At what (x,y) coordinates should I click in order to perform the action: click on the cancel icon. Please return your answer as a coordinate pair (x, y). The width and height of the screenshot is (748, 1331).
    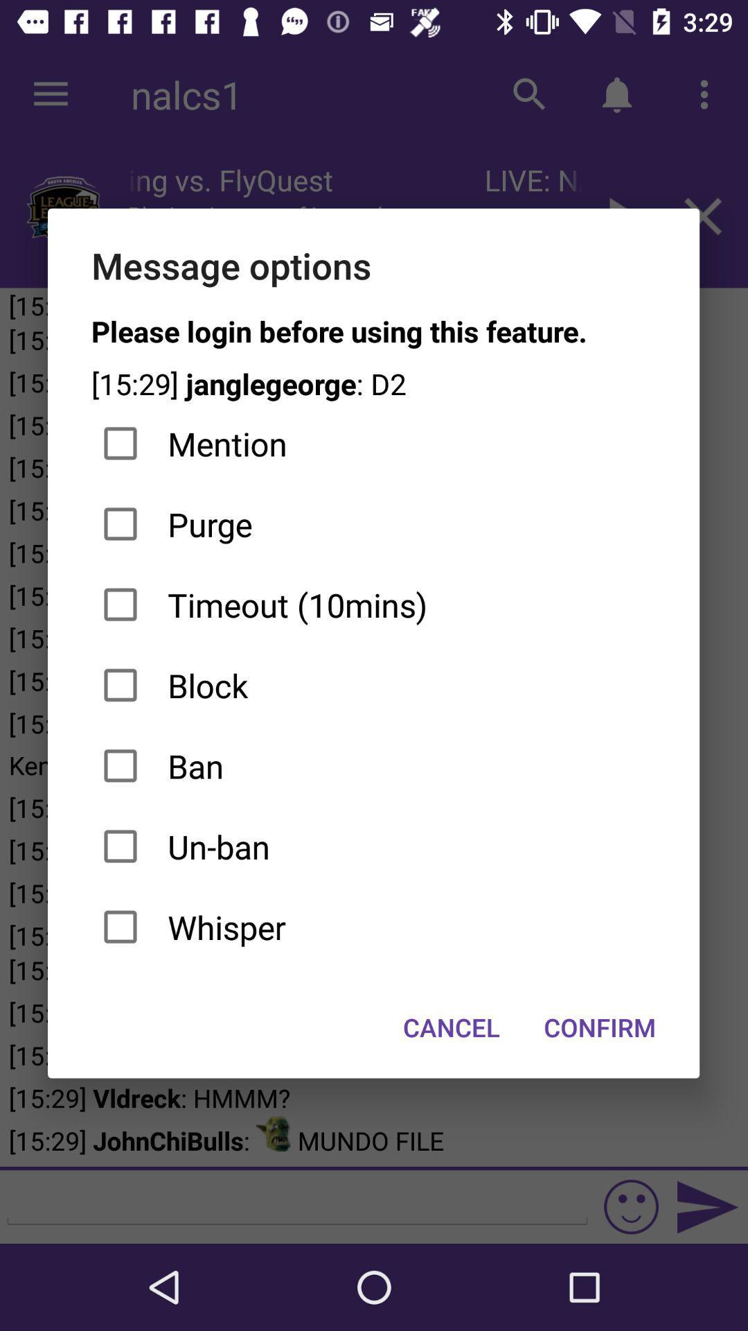
    Looking at the image, I should click on (452, 1027).